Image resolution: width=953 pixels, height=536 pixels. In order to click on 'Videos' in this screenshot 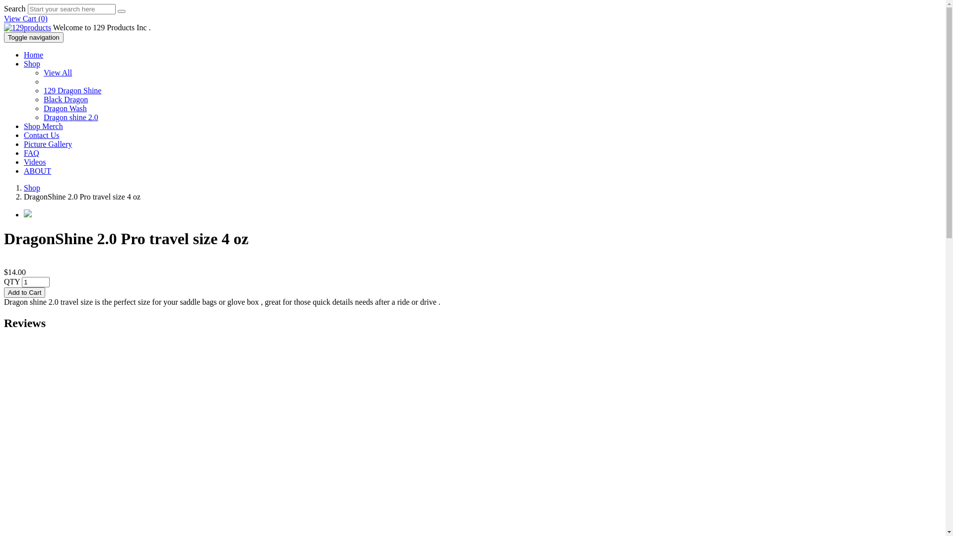, I will do `click(35, 161)`.